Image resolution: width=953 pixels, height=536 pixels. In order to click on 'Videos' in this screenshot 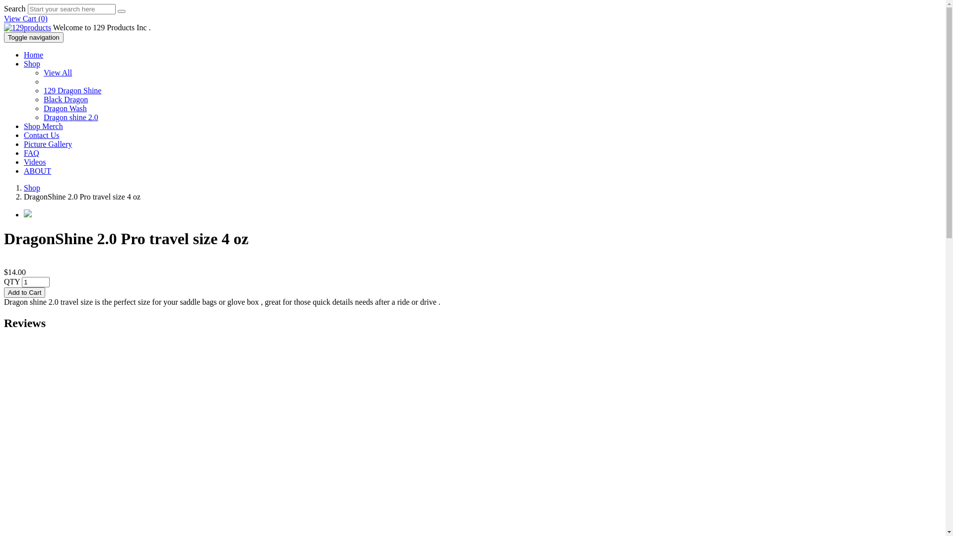, I will do `click(35, 161)`.